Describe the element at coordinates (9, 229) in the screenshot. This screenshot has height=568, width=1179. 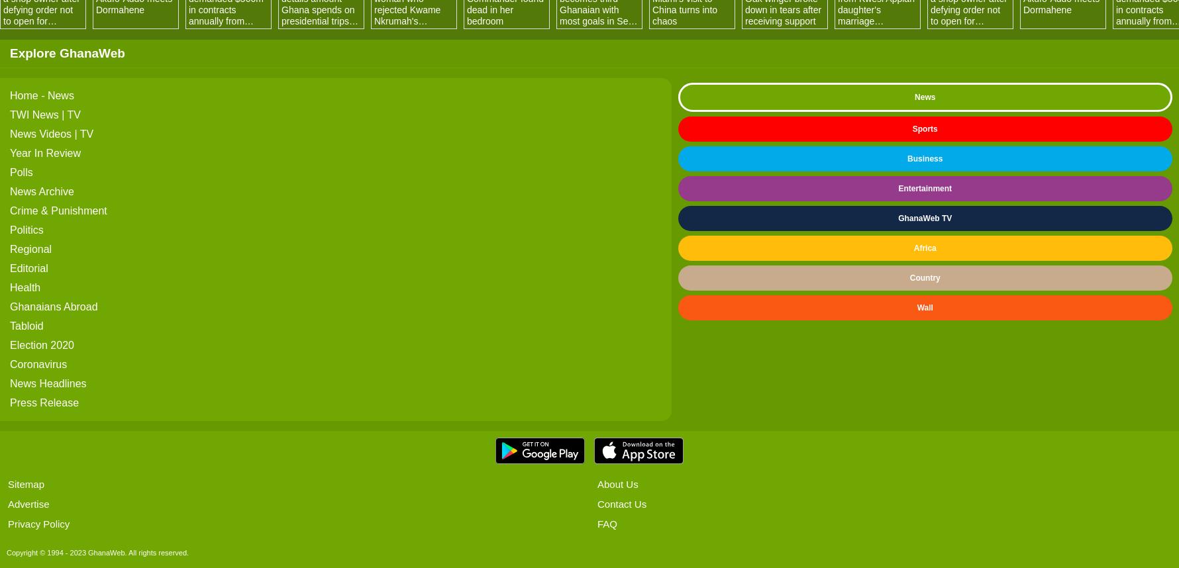
I see `'Politics'` at that location.